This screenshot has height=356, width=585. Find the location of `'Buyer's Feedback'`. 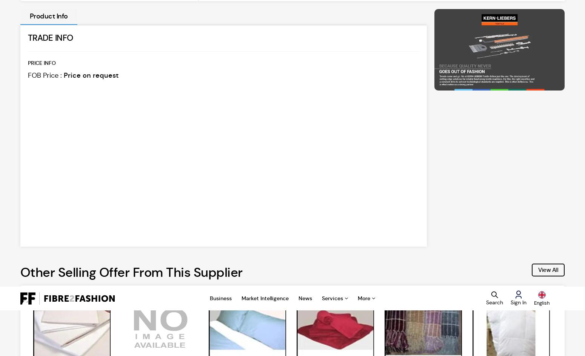

'Buyer's Feedback' is located at coordinates (495, 334).